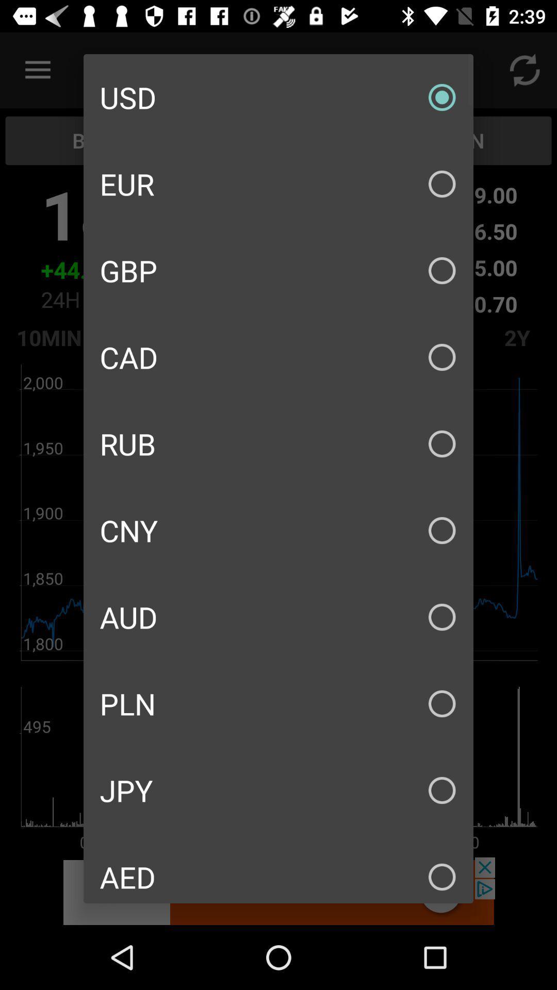  What do you see at coordinates (278, 530) in the screenshot?
I see `item above aud` at bounding box center [278, 530].